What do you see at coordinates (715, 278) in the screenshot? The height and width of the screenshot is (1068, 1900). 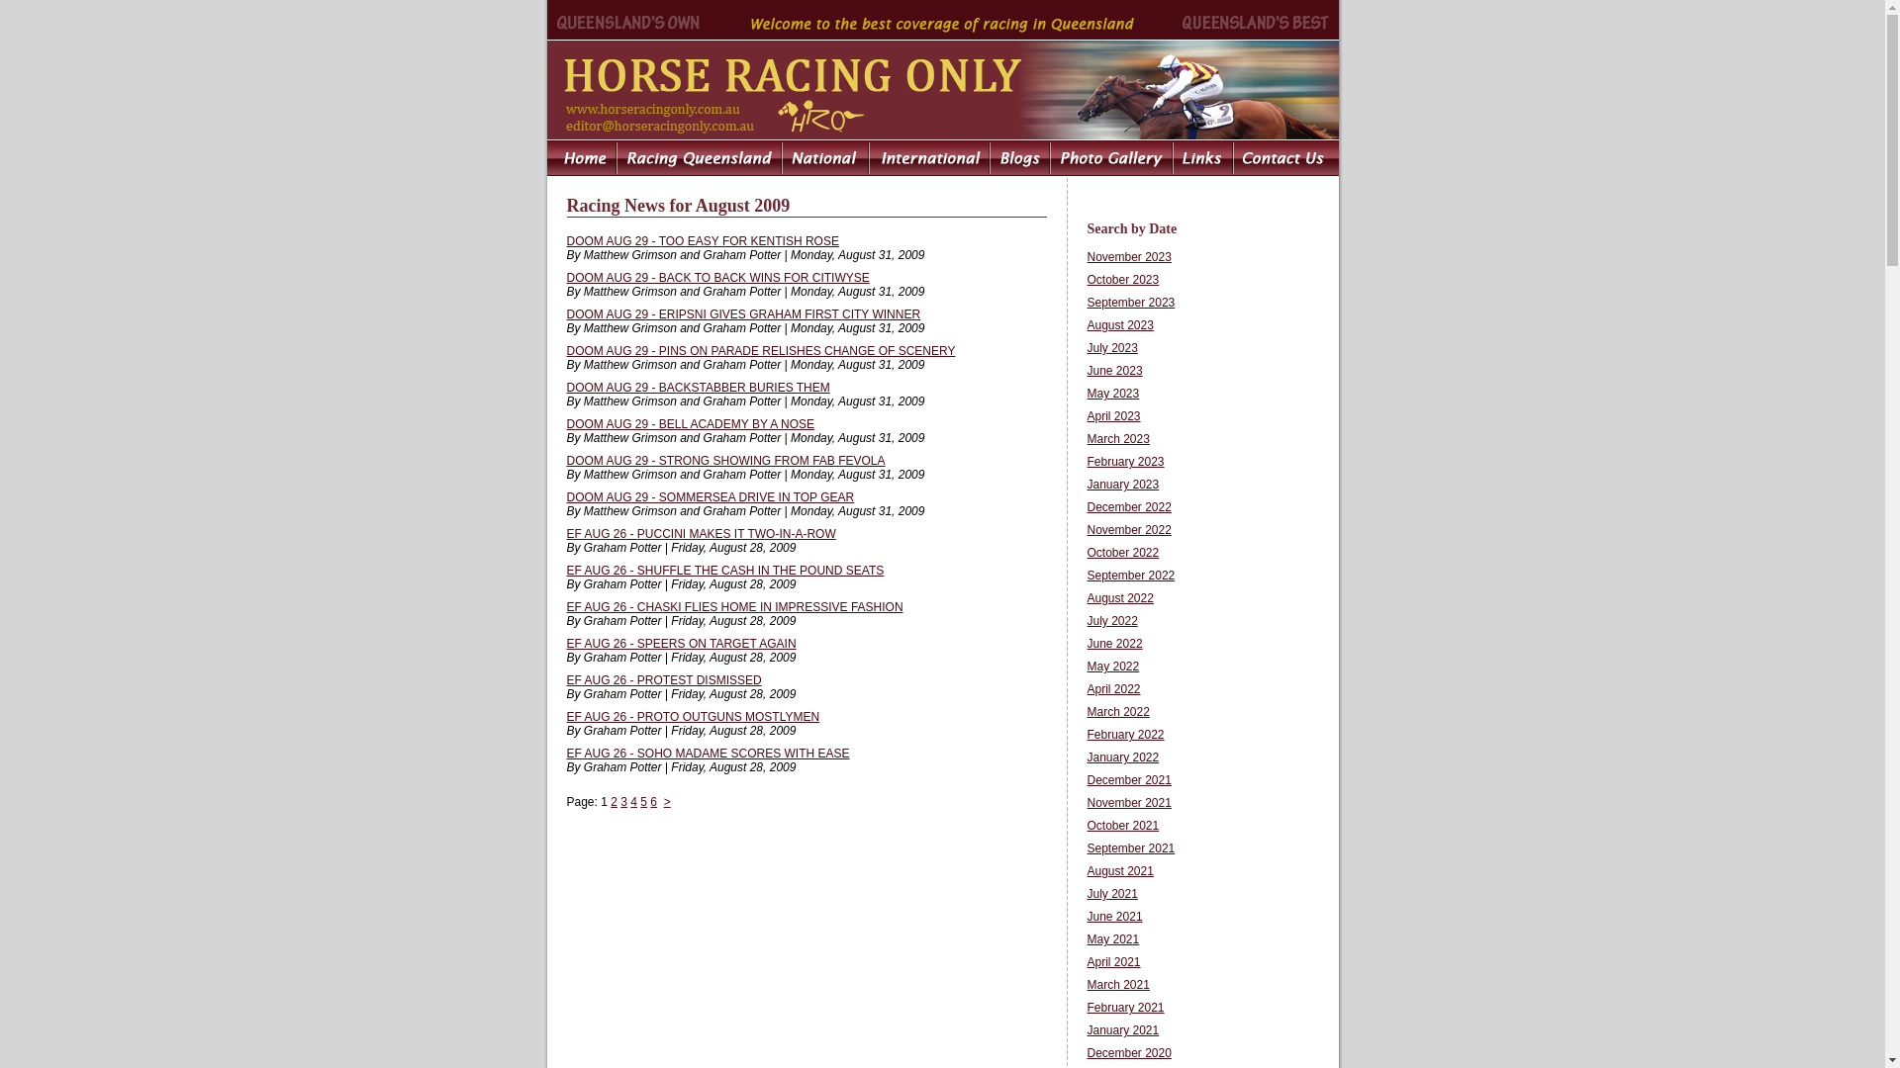 I see `'DOOM AUG 29 - BACK TO BACK WINS FOR CITIWYSE'` at bounding box center [715, 278].